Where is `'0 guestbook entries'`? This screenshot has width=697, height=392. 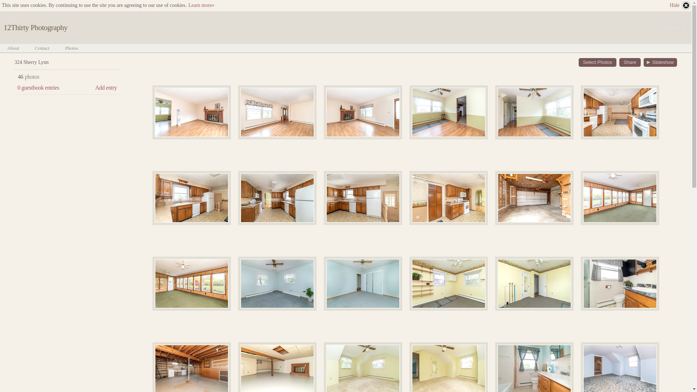 '0 guestbook entries' is located at coordinates (38, 87).